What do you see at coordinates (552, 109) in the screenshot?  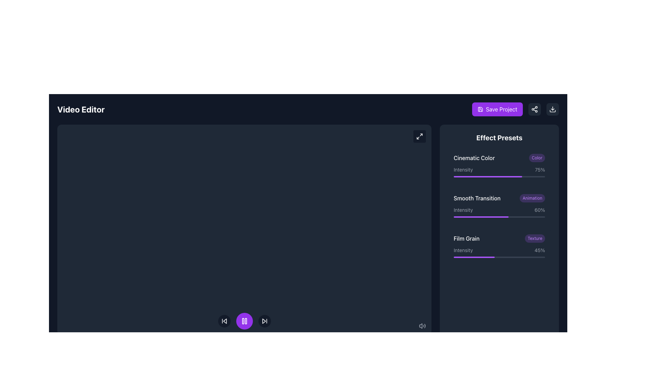 I see `the third button with a dark gray background and a downward arrow icon located in the top-right corner of the interface` at bounding box center [552, 109].